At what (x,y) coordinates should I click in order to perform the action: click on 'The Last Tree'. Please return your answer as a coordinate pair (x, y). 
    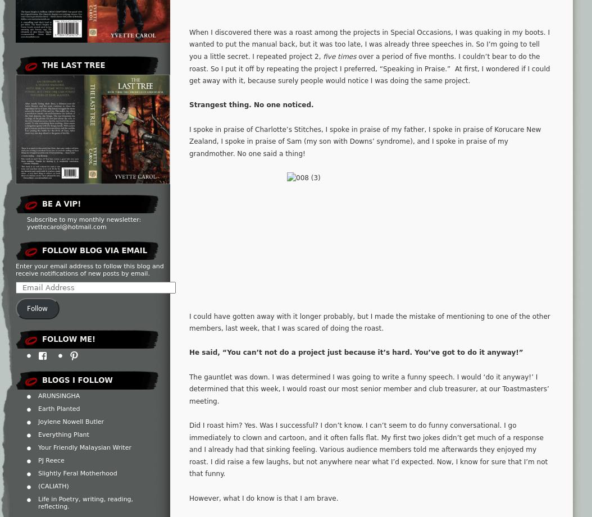
    Looking at the image, I should click on (74, 65).